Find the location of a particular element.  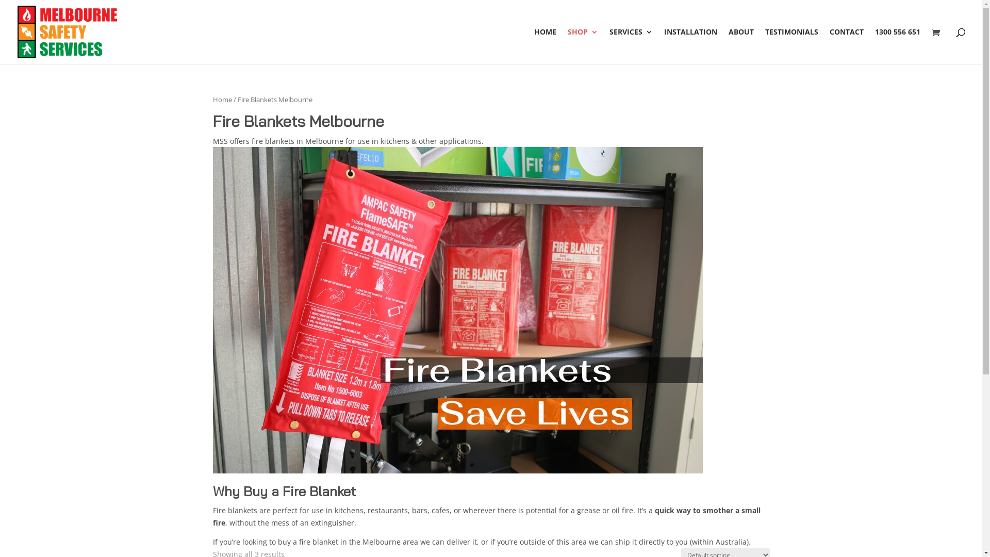

'SERVICES' is located at coordinates (631, 45).